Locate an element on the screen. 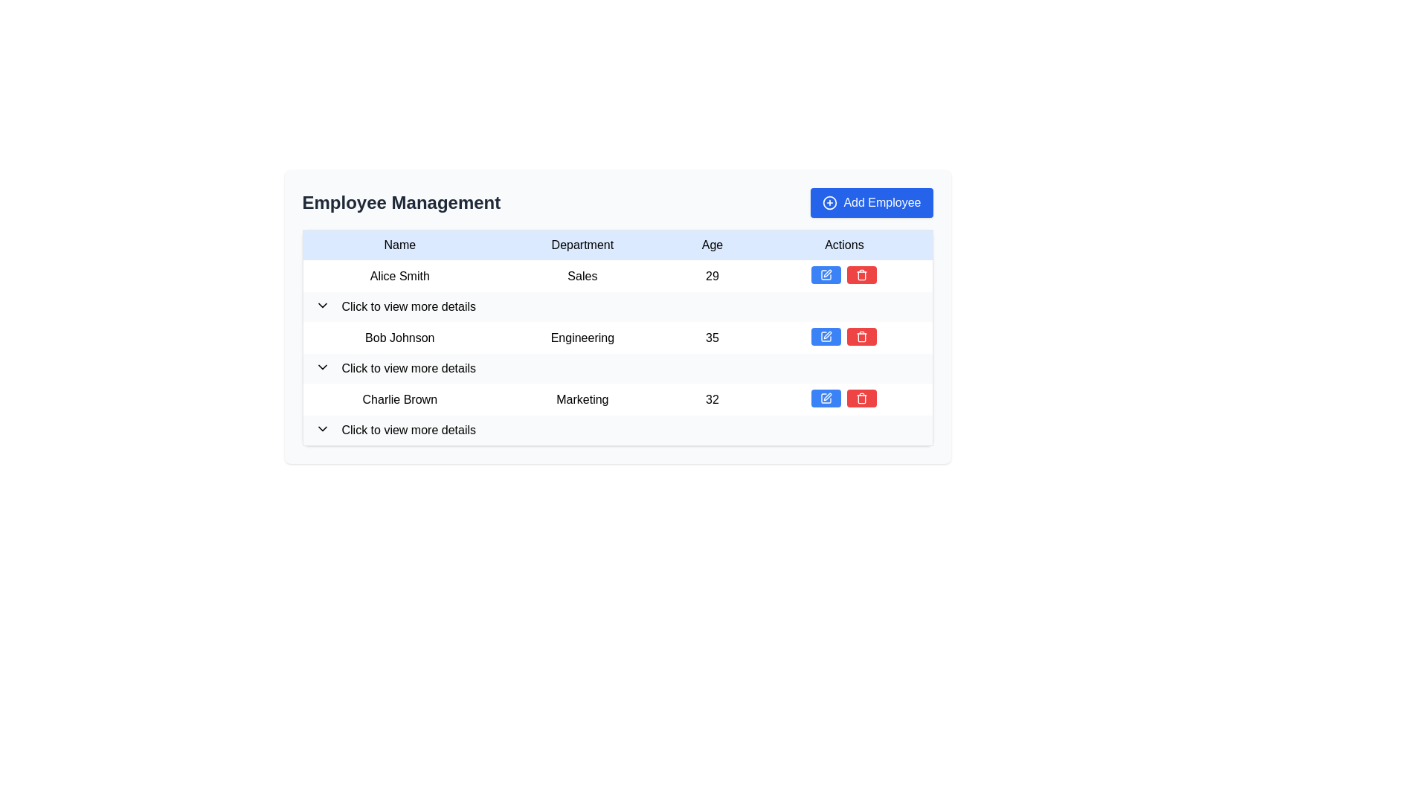 This screenshot has height=803, width=1428. the circular '+' icon with a white outline on a blue background, which is part of the 'Add Employee' button located in the top-right area of the interface is located at coordinates (829, 203).